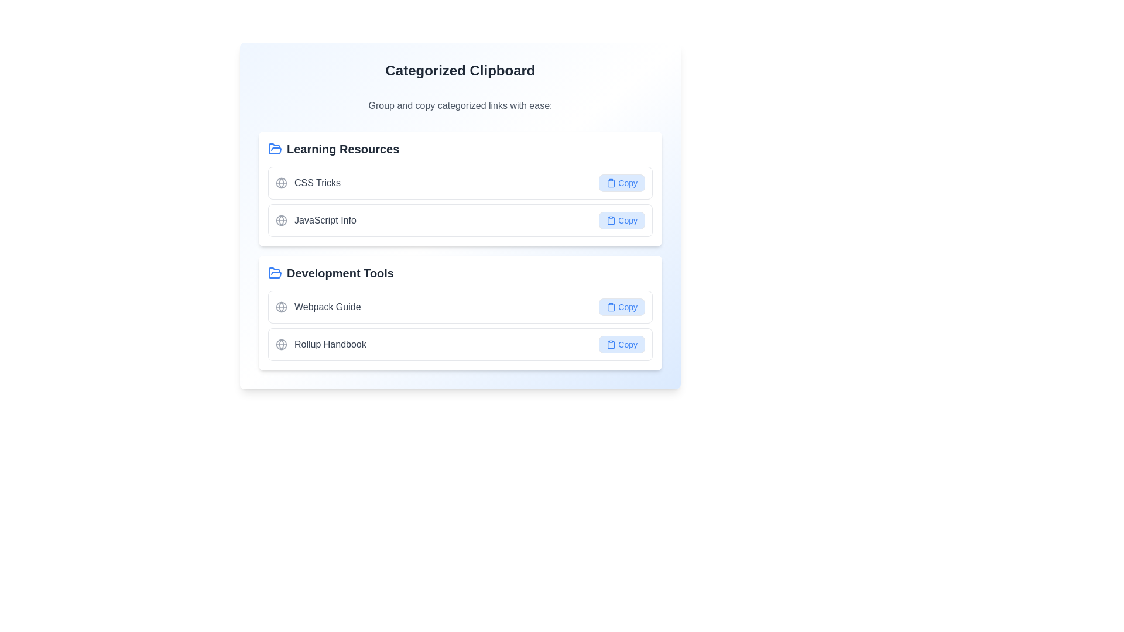 The image size is (1124, 632). What do you see at coordinates (611, 344) in the screenshot?
I see `the decorative 'Copy' icon on the 'Rollup Handbook' button in the 'Development Tools' section to trigger the tooltip or visual feedback` at bounding box center [611, 344].